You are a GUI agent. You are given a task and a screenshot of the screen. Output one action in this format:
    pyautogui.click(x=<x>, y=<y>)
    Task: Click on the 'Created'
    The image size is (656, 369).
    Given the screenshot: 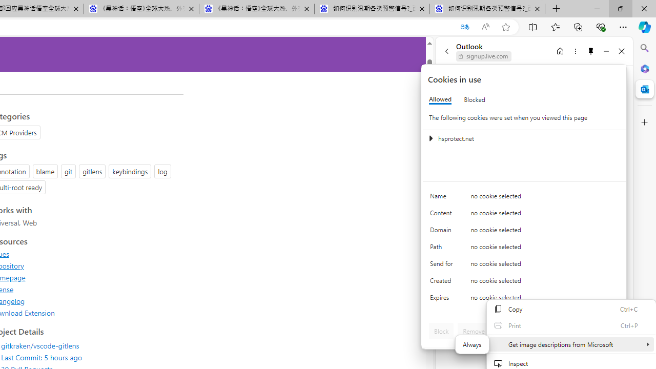 What is the action you would take?
    pyautogui.click(x=443, y=283)
    